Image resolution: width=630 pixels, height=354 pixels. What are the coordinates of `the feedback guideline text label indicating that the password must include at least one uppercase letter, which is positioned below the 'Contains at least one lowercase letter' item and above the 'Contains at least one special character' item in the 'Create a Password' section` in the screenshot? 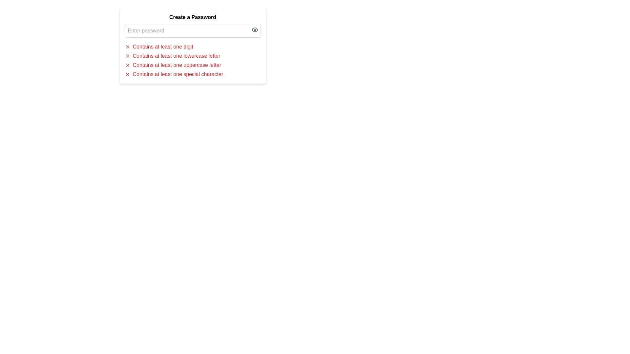 It's located at (177, 65).